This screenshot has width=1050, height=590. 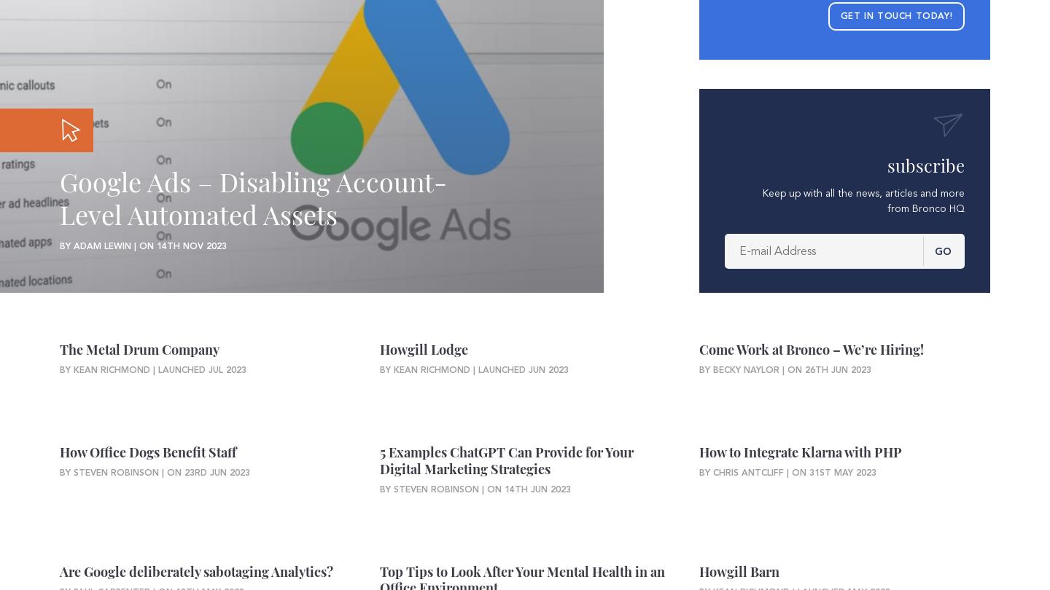 What do you see at coordinates (942, 250) in the screenshot?
I see `'Go'` at bounding box center [942, 250].